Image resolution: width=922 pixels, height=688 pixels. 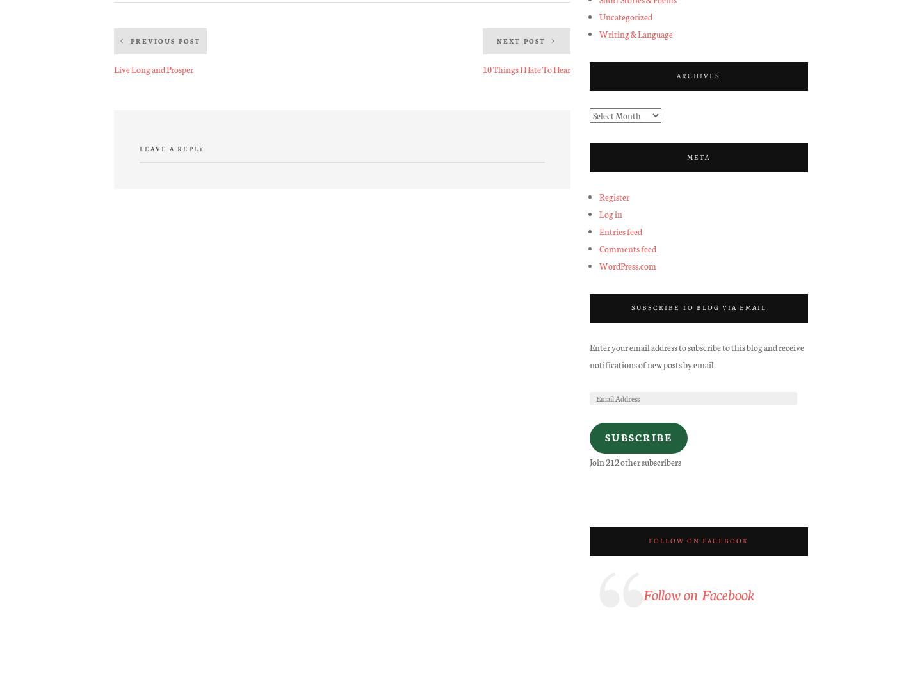 What do you see at coordinates (697, 306) in the screenshot?
I see `'Subscribe to Blog via Email'` at bounding box center [697, 306].